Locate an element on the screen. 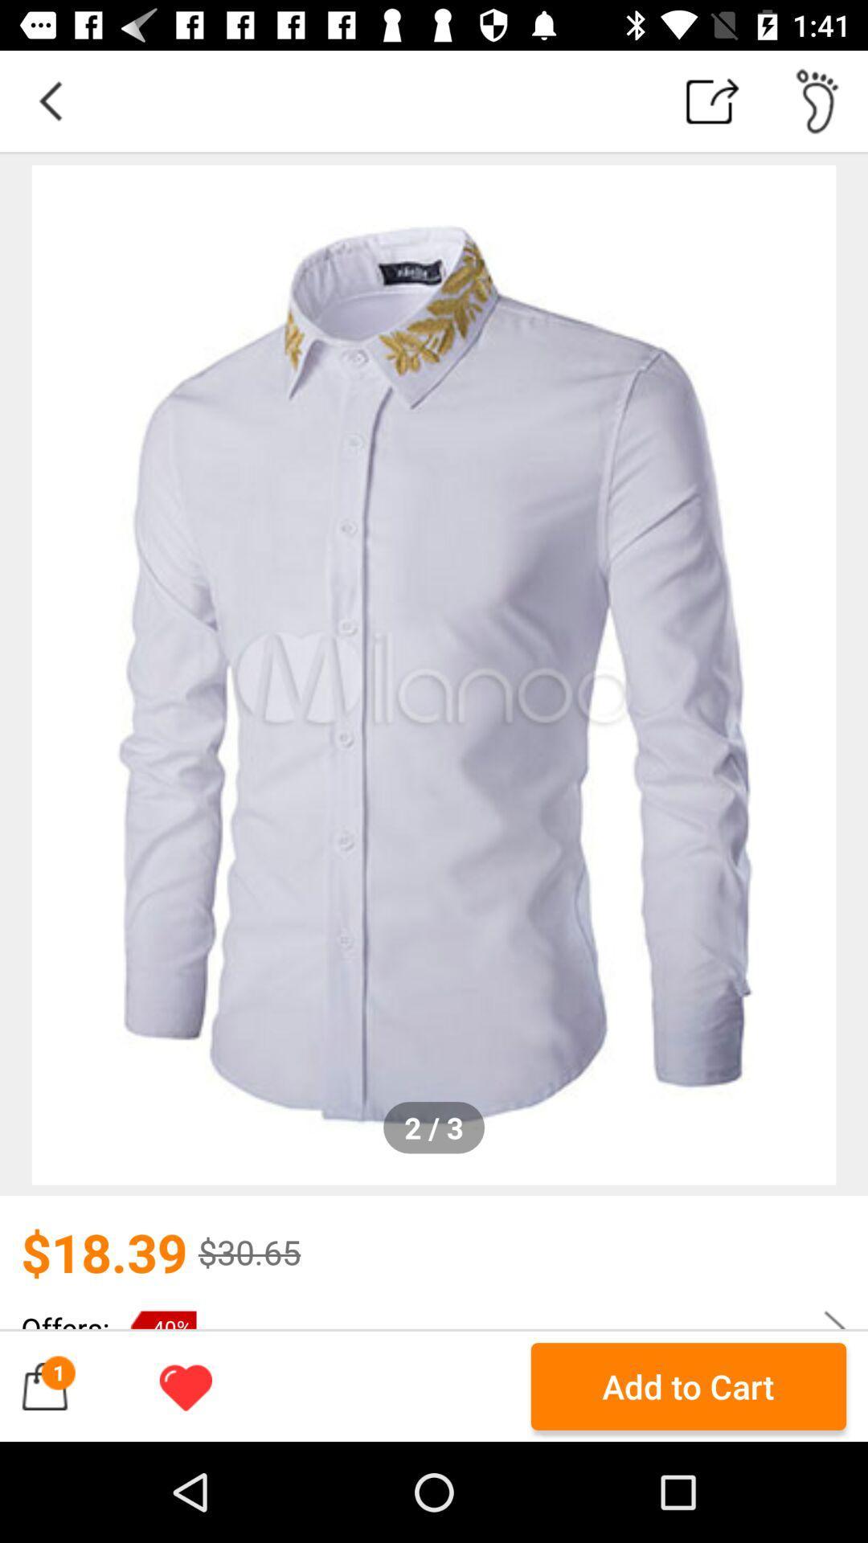  favorite is located at coordinates (185, 1385).